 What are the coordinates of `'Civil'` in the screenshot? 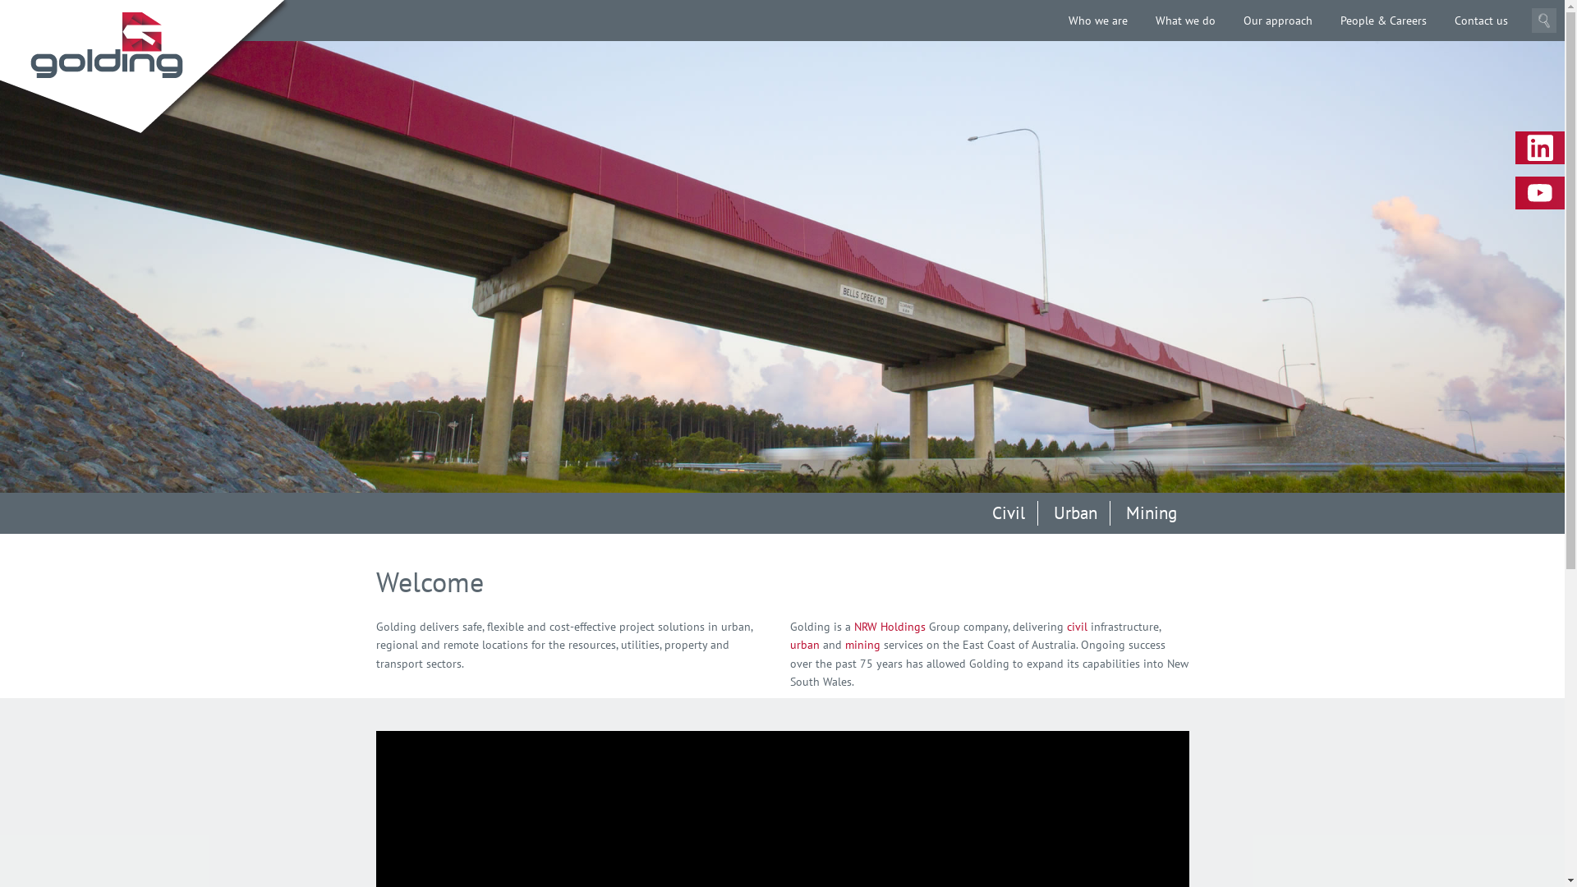 It's located at (1007, 512).